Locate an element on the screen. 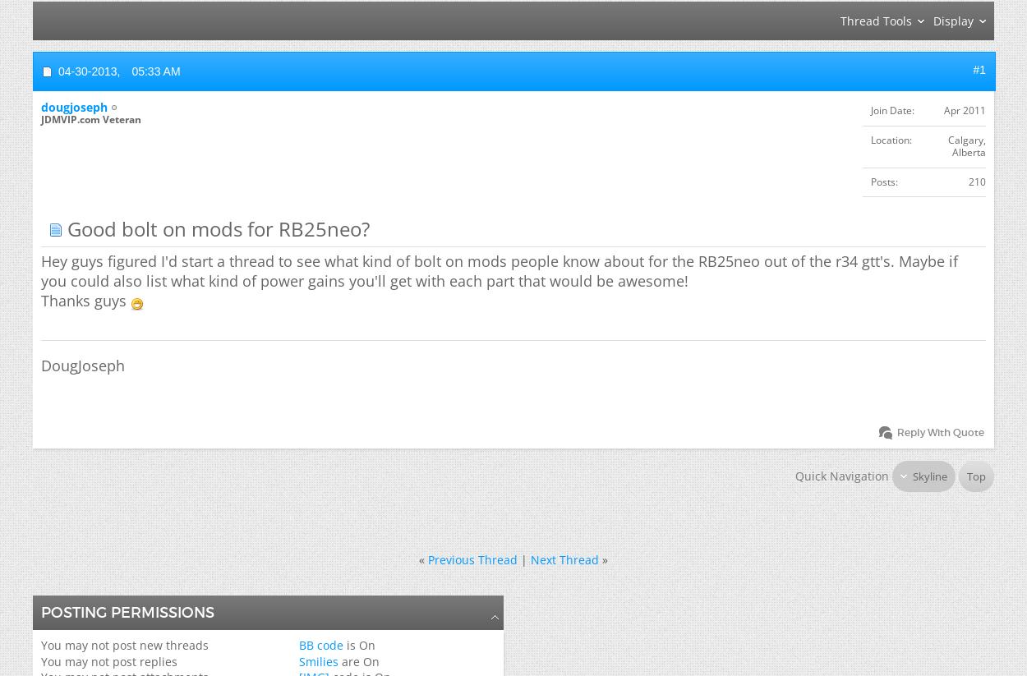 The image size is (1027, 676). 'Previous Thread' is located at coordinates (472, 559).